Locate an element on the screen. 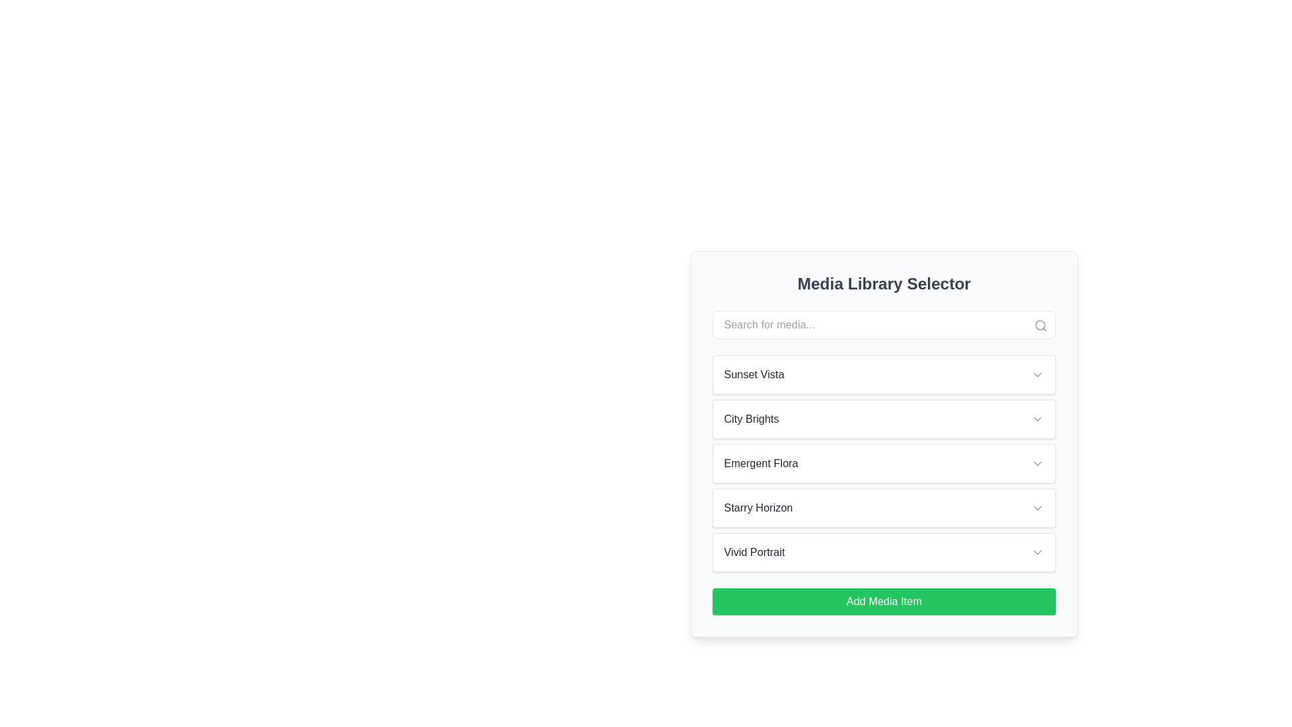  the downward-pointing gray chevron icon next to the 'City Brights' label is located at coordinates (1036, 419).